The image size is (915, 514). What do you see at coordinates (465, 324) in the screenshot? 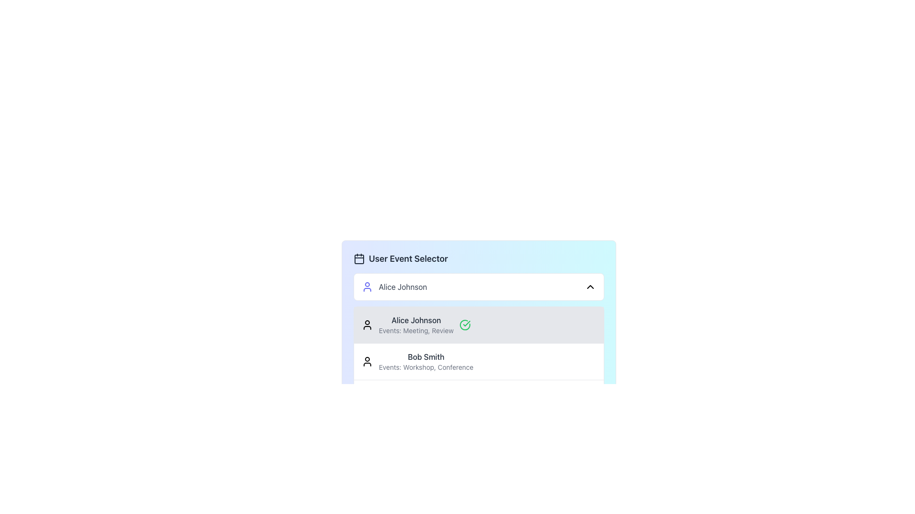
I see `the confirmation icon located to the right of 'Alice Johnson Events: Meeting, Review' to interact with the selected user information` at bounding box center [465, 324].